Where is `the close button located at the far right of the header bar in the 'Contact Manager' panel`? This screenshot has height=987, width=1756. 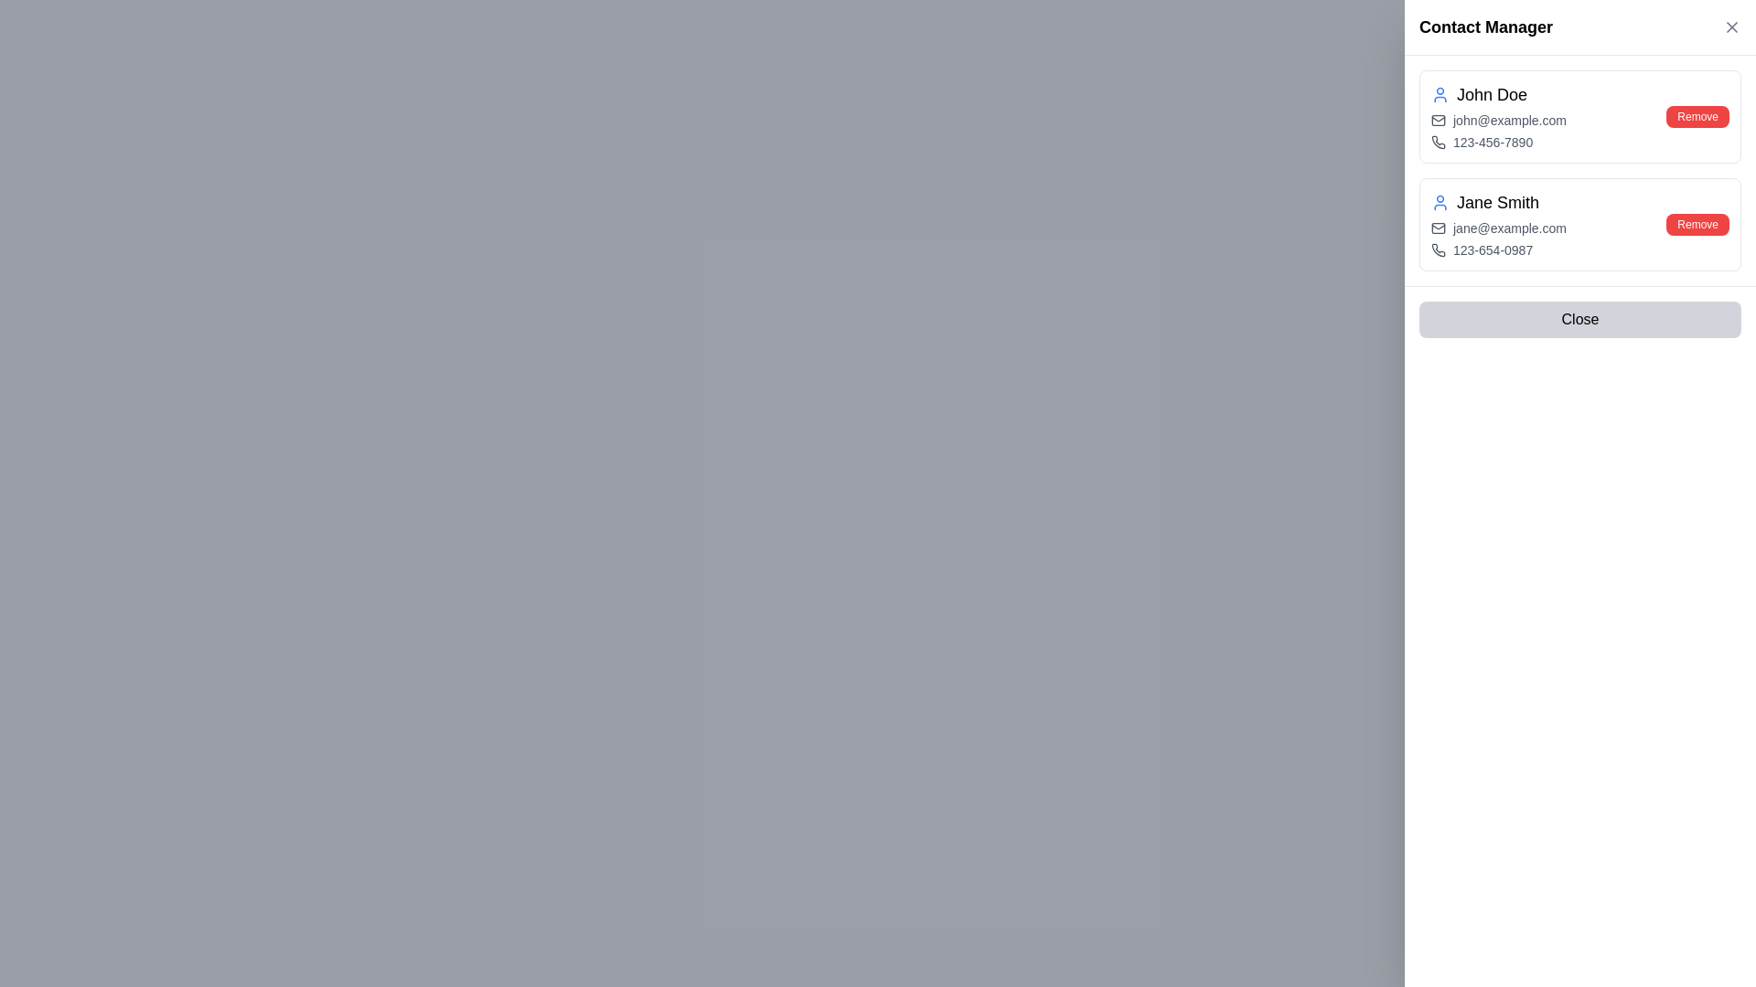
the close button located at the far right of the header bar in the 'Contact Manager' panel is located at coordinates (1731, 27).